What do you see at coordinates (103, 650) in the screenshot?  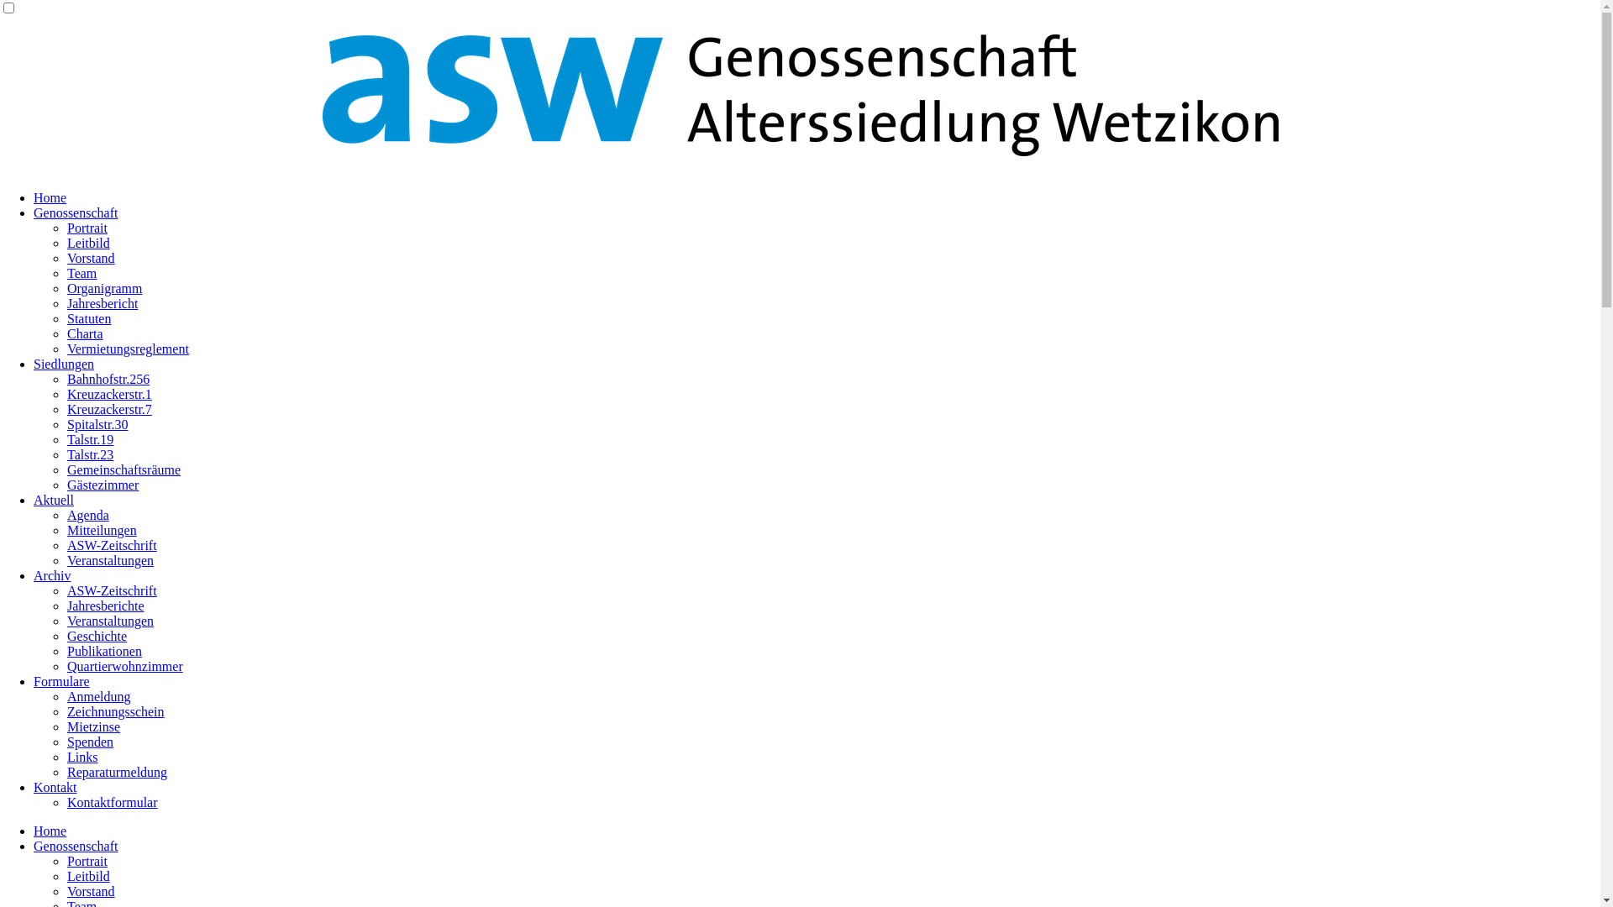 I see `'Publikationen'` at bounding box center [103, 650].